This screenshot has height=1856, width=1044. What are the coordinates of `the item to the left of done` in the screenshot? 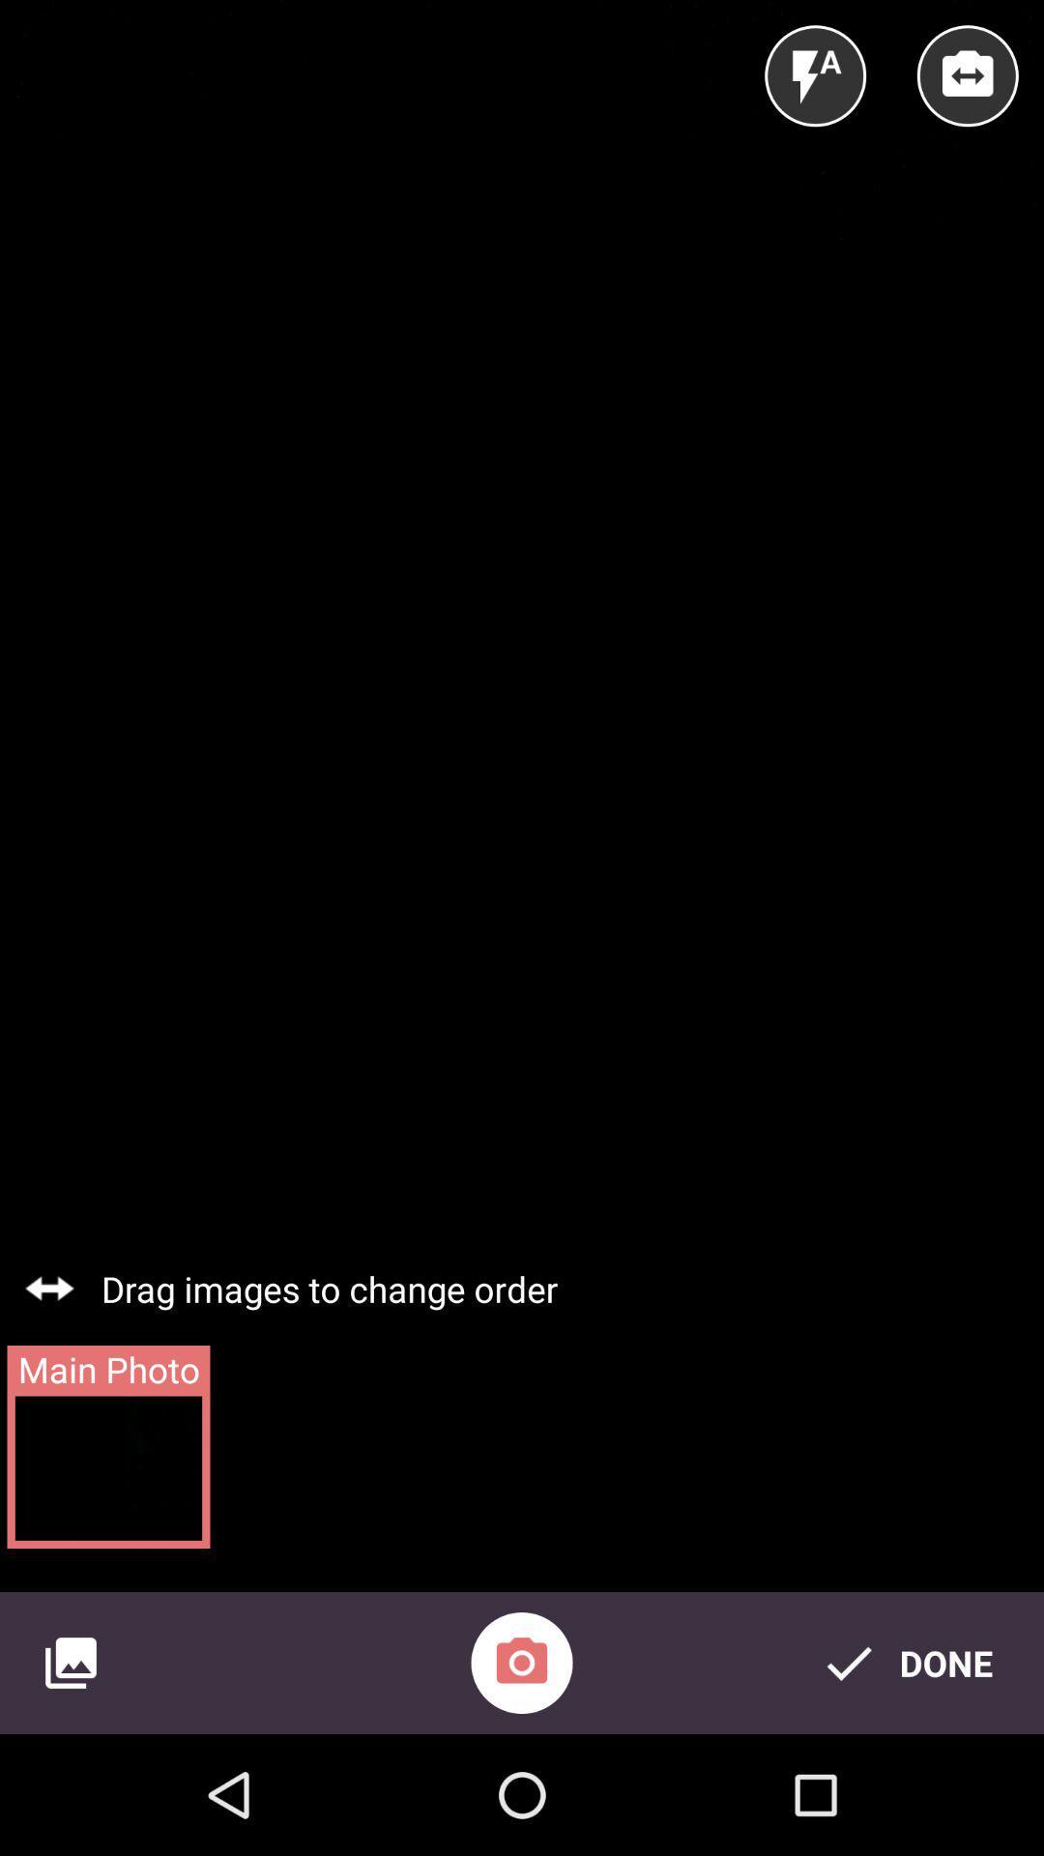 It's located at (522, 1662).